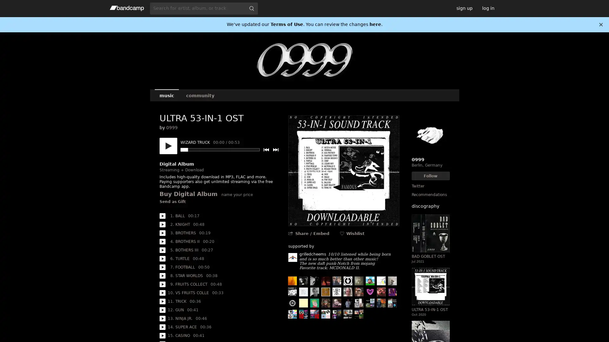 The width and height of the screenshot is (609, 342). What do you see at coordinates (162, 293) in the screenshot?
I see `Play VS FRUITS COLLE` at bounding box center [162, 293].